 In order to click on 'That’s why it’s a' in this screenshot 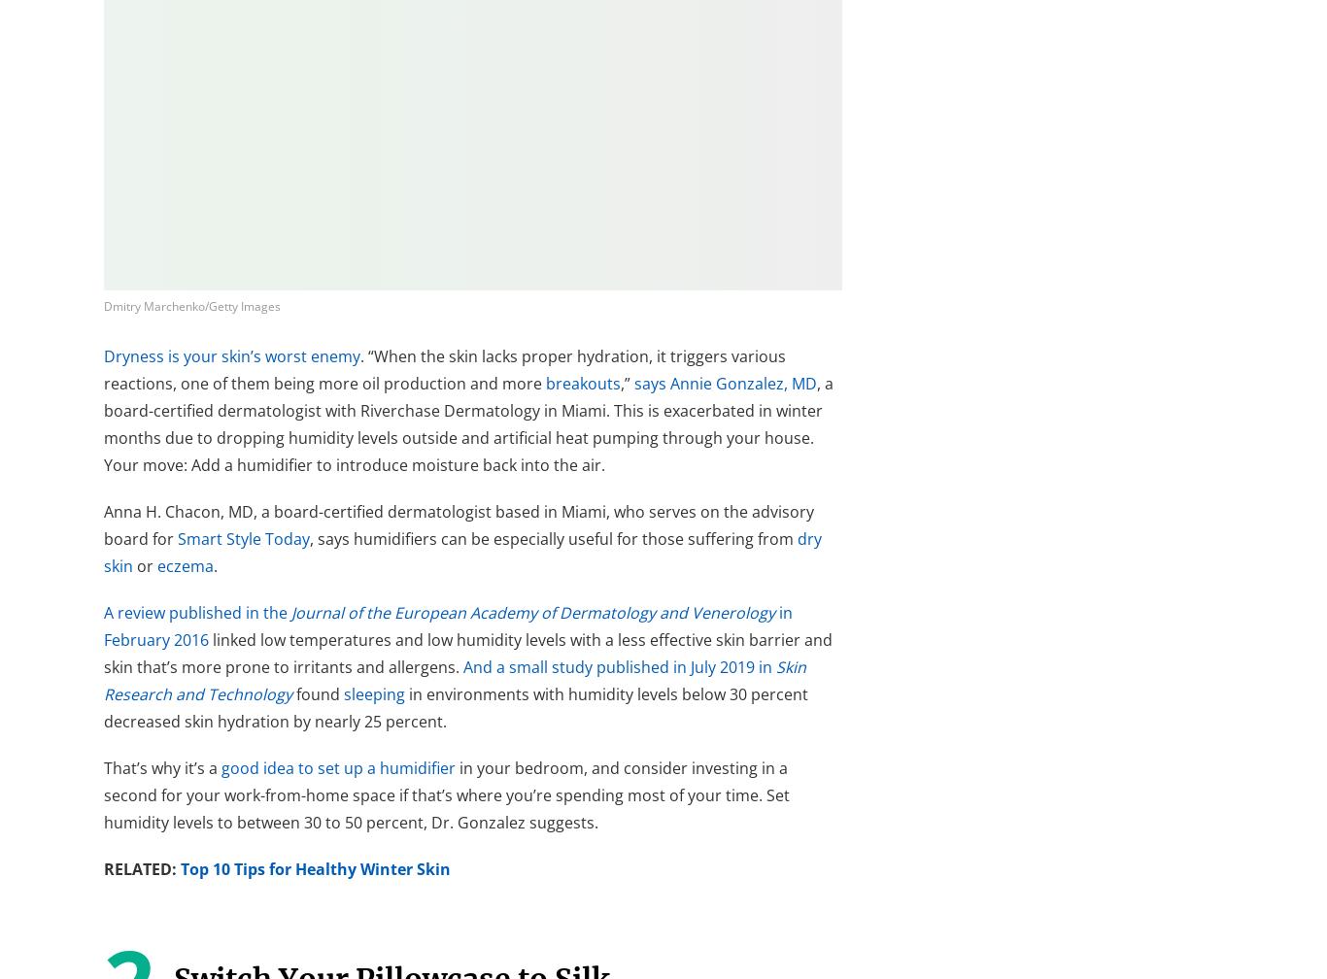, I will do `click(161, 767)`.